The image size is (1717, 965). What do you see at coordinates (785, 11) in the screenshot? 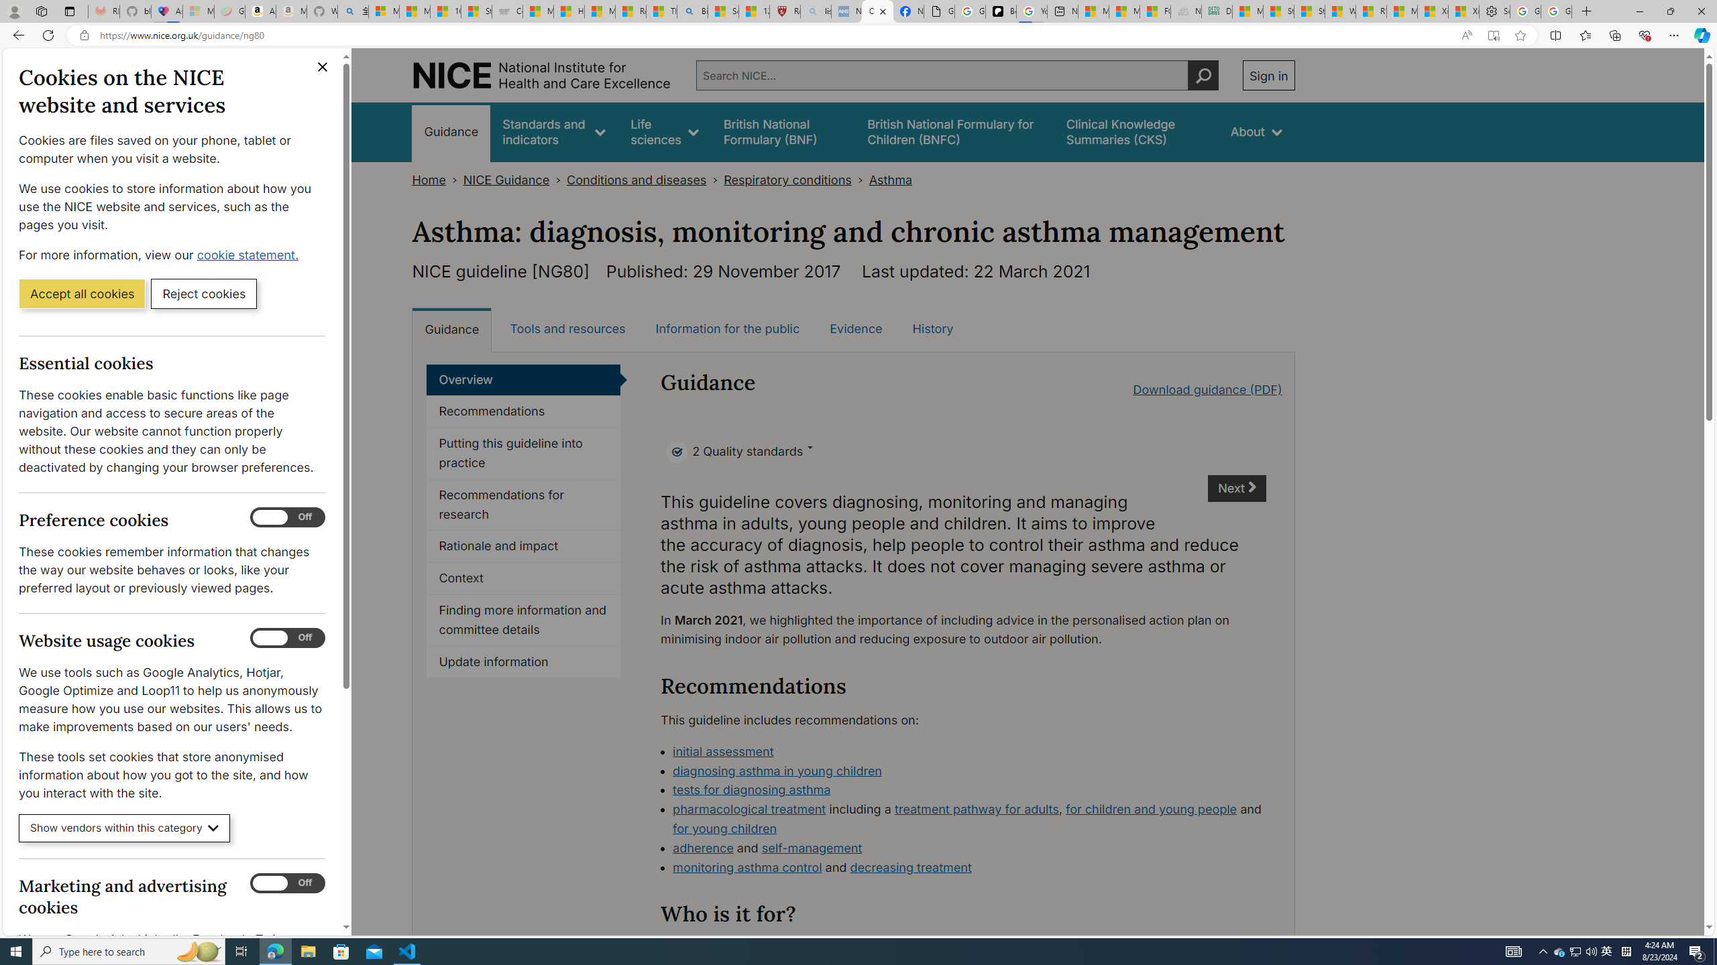
I see `'Robert H. Shmerling, MD - Harvard Health'` at bounding box center [785, 11].